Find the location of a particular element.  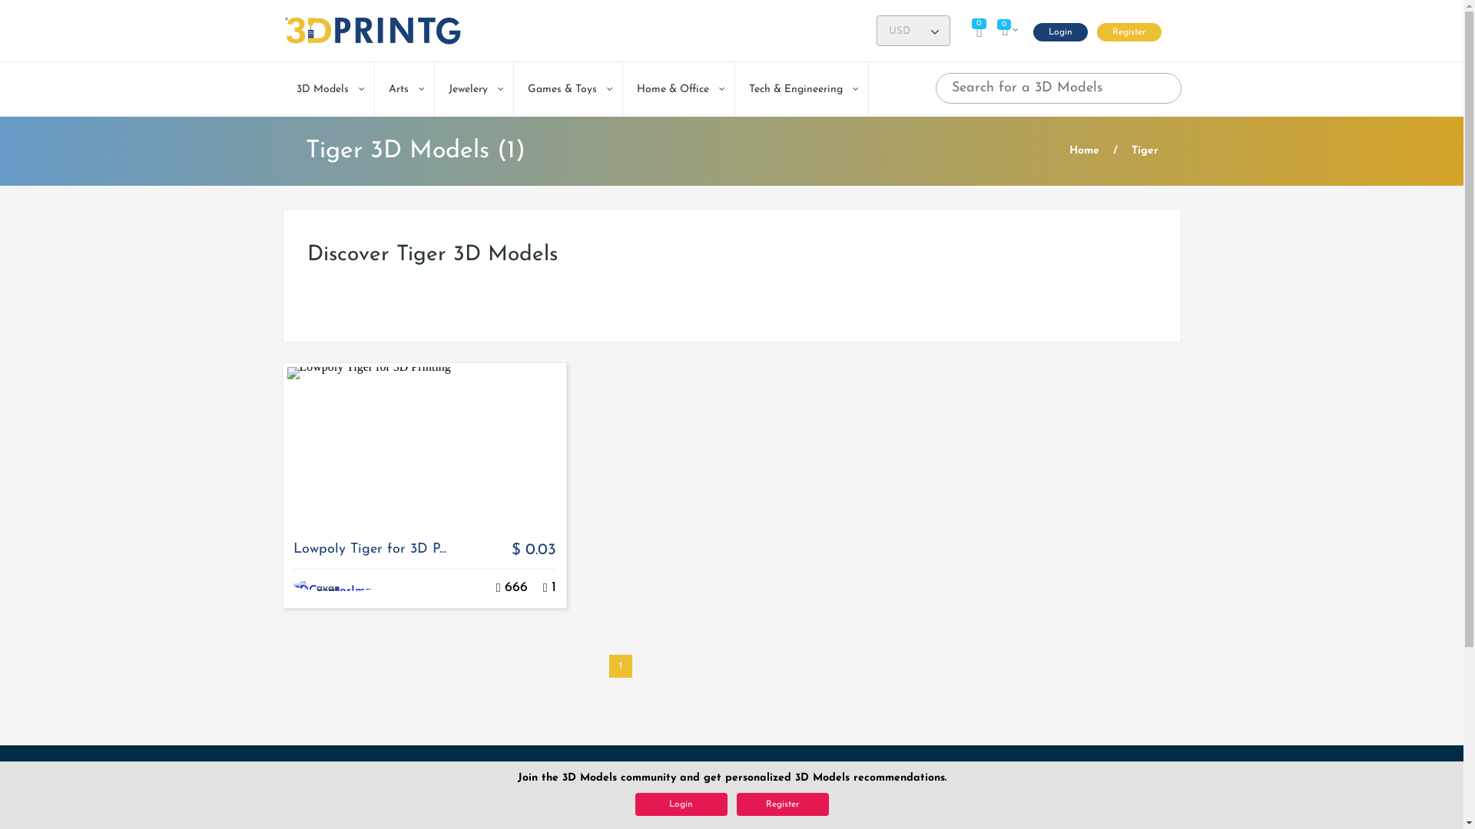

'Jewelery' is located at coordinates (473, 89).